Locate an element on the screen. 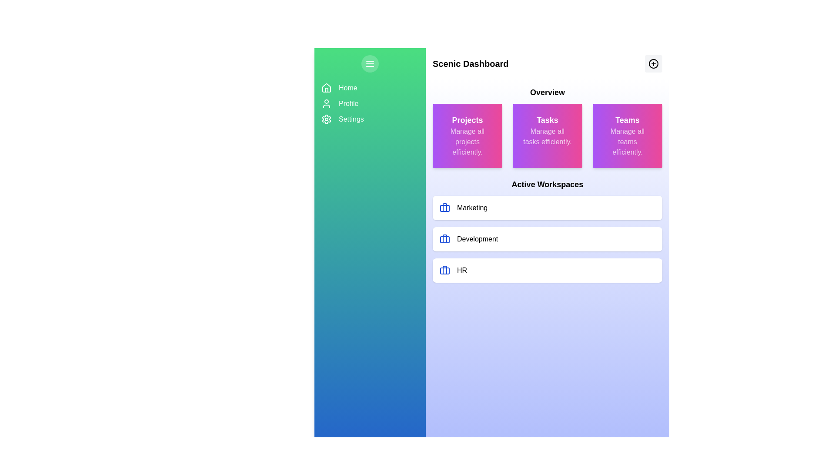  on the 'HR' label in the 'Active Workspaces' section is located at coordinates (461, 270).